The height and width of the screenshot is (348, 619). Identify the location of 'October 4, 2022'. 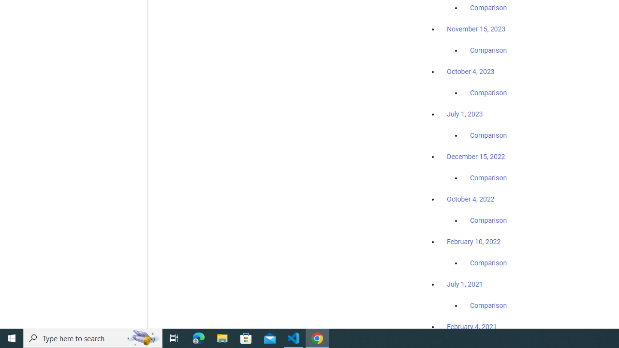
(471, 199).